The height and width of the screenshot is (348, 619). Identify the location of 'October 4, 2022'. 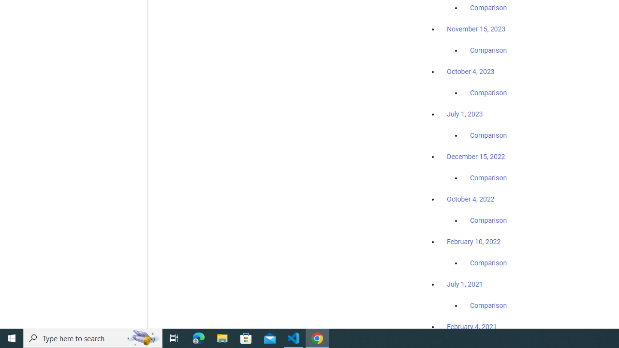
(471, 199).